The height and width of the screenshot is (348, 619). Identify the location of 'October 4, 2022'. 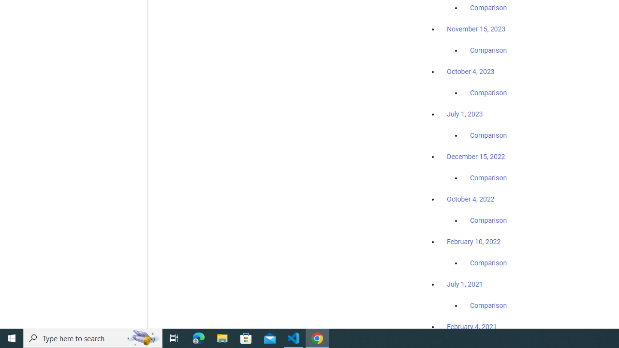
(471, 199).